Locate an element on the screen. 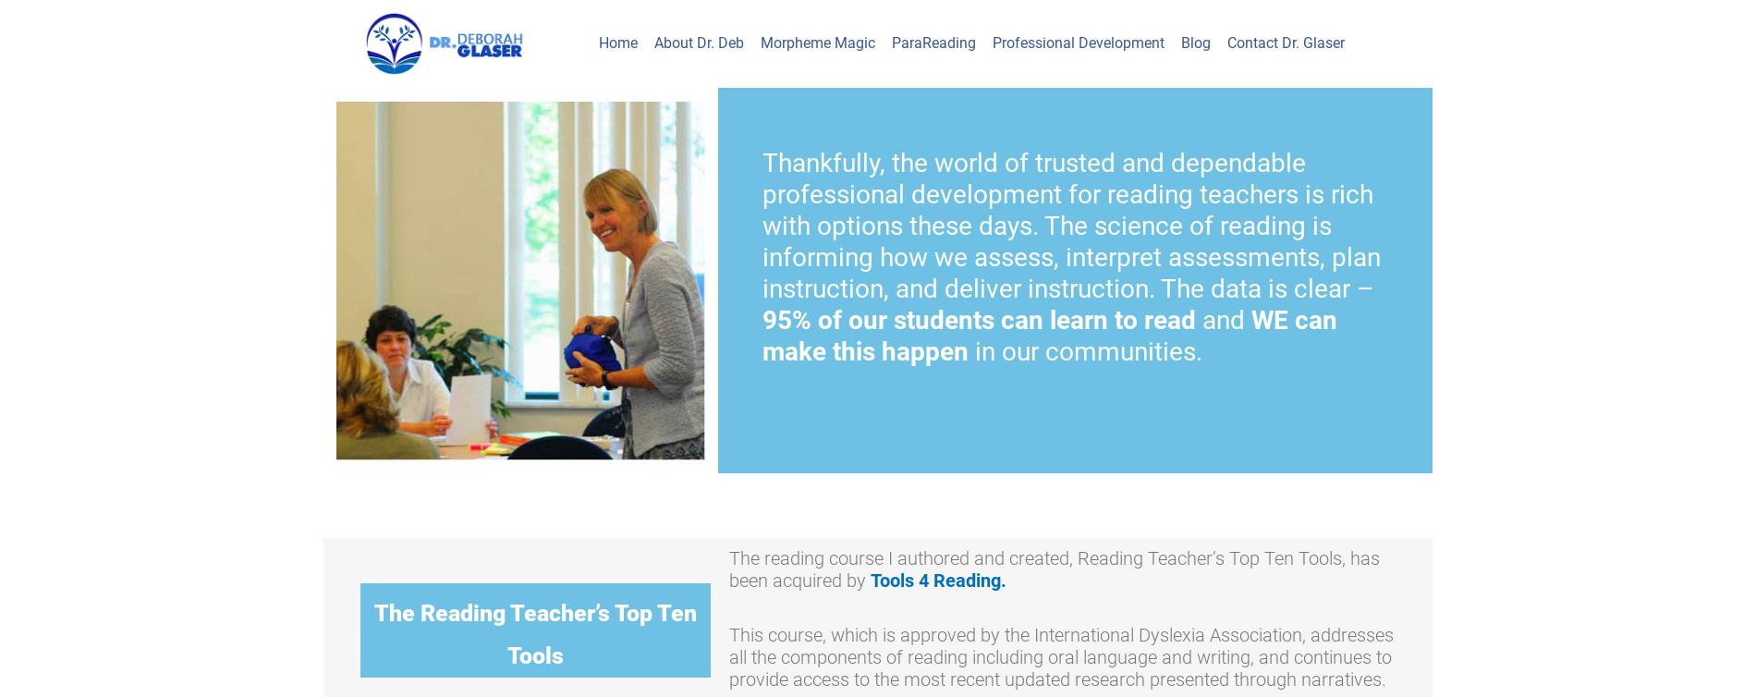  'Contact Dr. Glaser' is located at coordinates (1225, 43).